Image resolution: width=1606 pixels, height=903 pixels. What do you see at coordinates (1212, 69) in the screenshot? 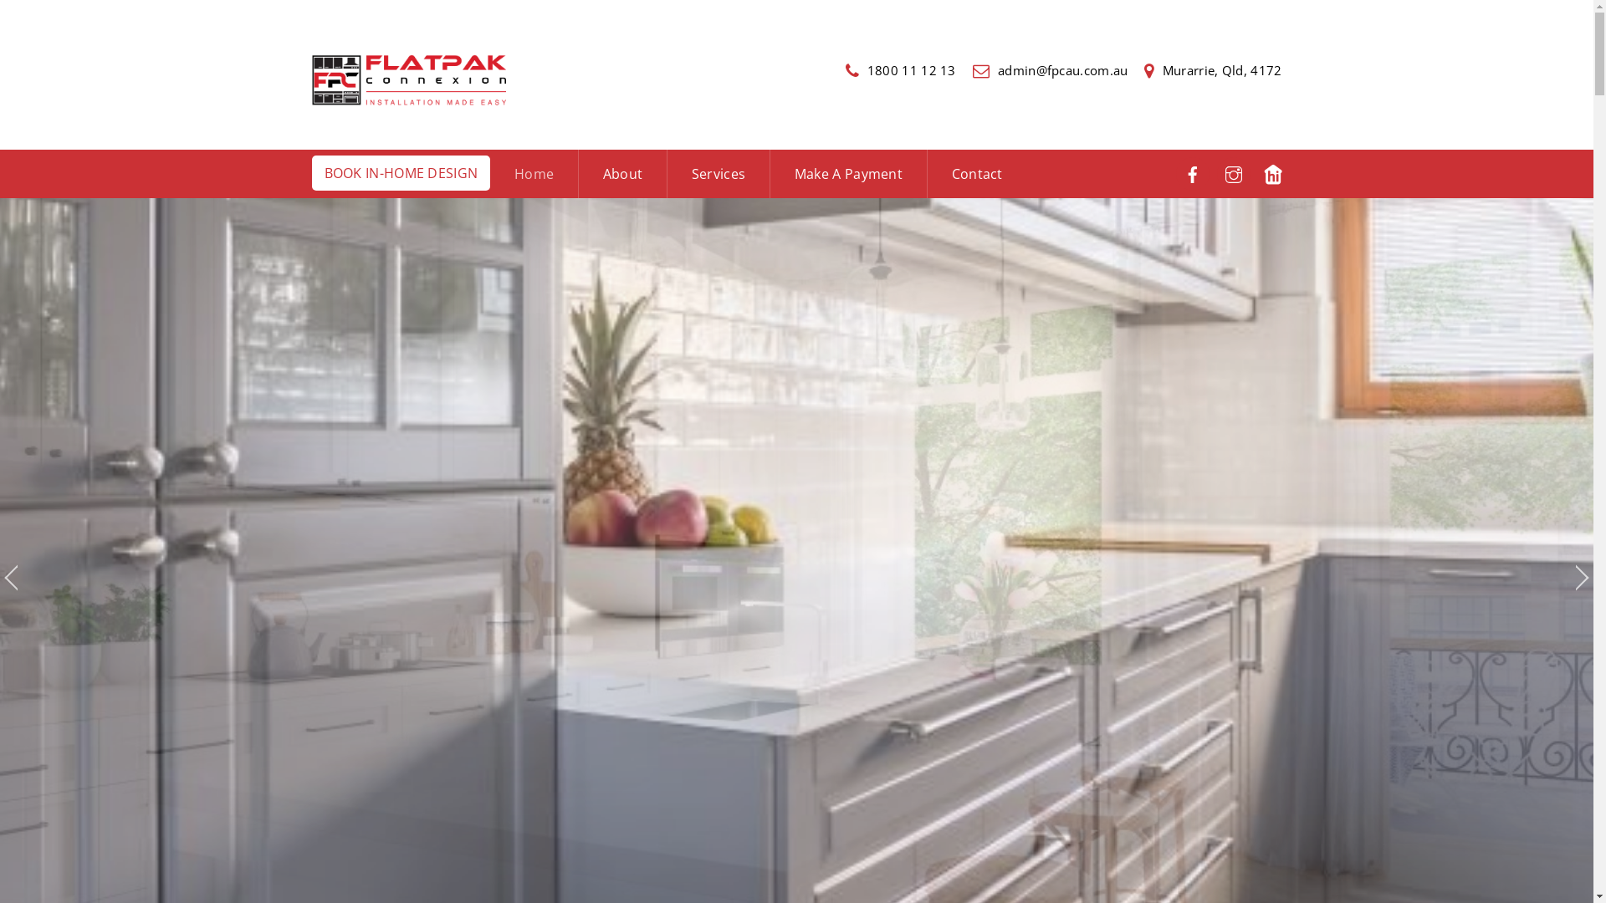
I see `'Murarrie, Qld, 4172'` at bounding box center [1212, 69].